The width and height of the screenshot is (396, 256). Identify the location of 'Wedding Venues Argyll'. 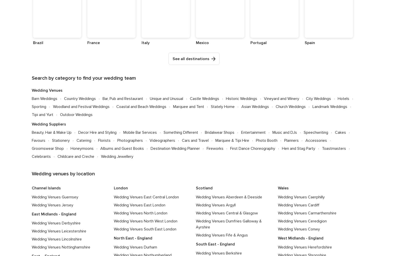
(216, 205).